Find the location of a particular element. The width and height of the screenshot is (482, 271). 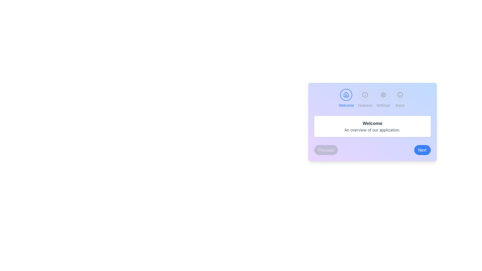

the Circular Icon Button located above the text 'Features' is located at coordinates (365, 95).